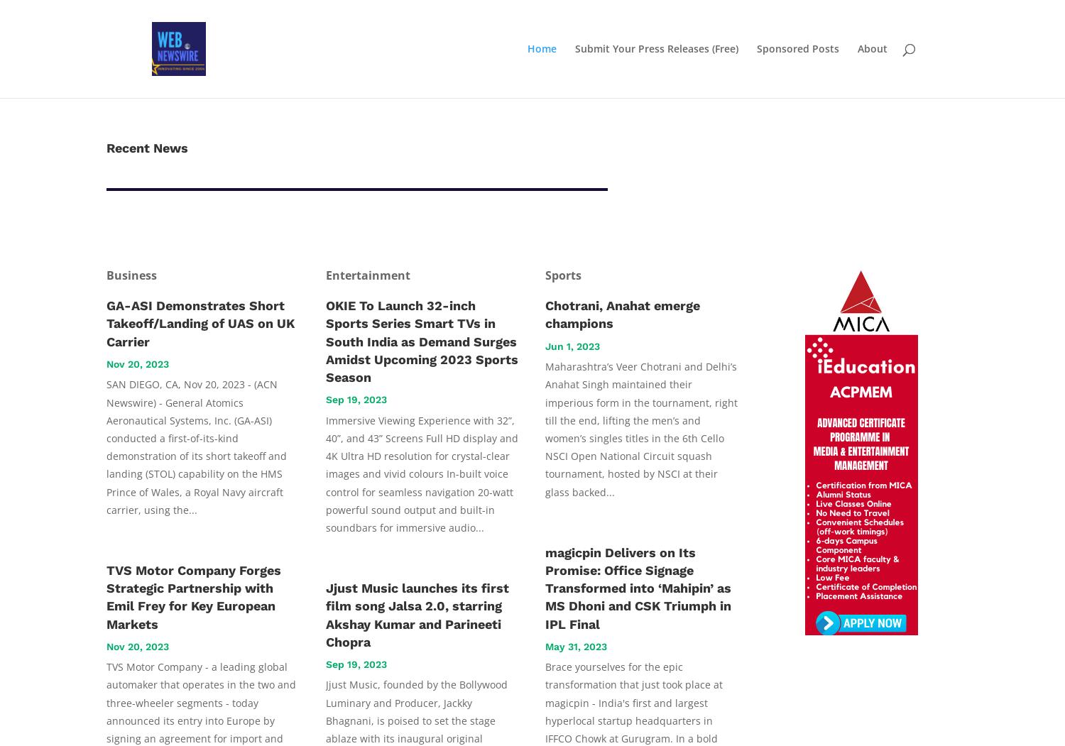  I want to click on 'May 31, 2023', so click(576, 645).